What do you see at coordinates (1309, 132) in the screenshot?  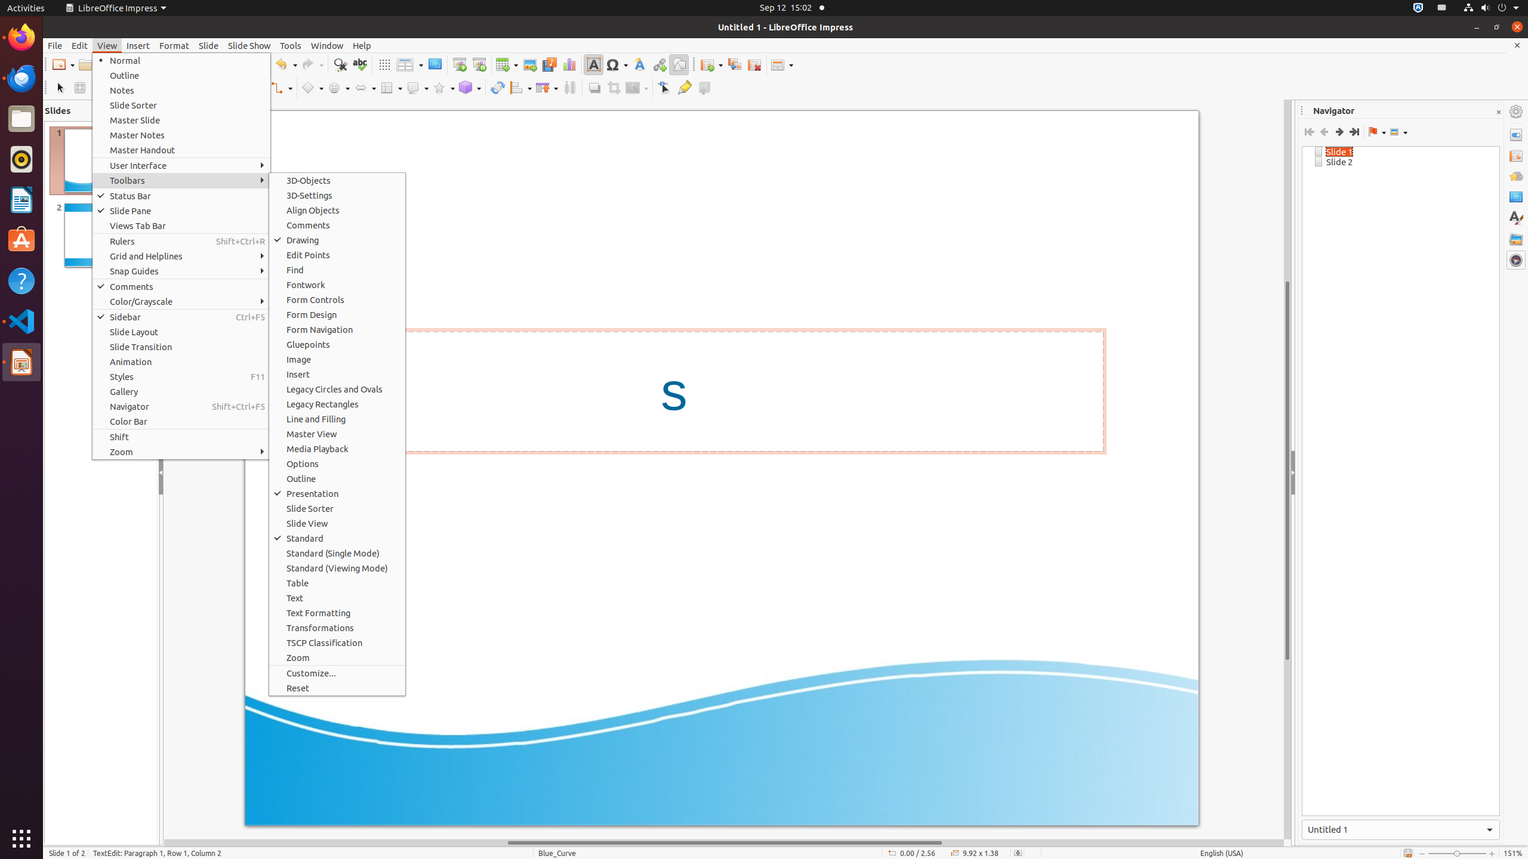 I see `'First Slide'` at bounding box center [1309, 132].